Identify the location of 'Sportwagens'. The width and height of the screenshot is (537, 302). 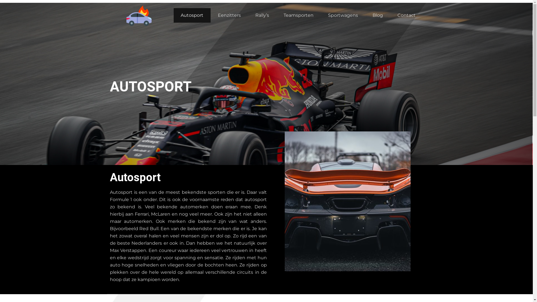
(343, 15).